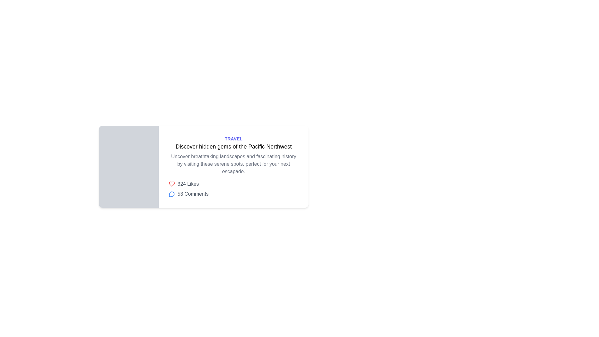 The height and width of the screenshot is (337, 599). Describe the element at coordinates (172, 183) in the screenshot. I see `the red heart icon located below the '324 Likes' text to like or unlike the content` at that location.